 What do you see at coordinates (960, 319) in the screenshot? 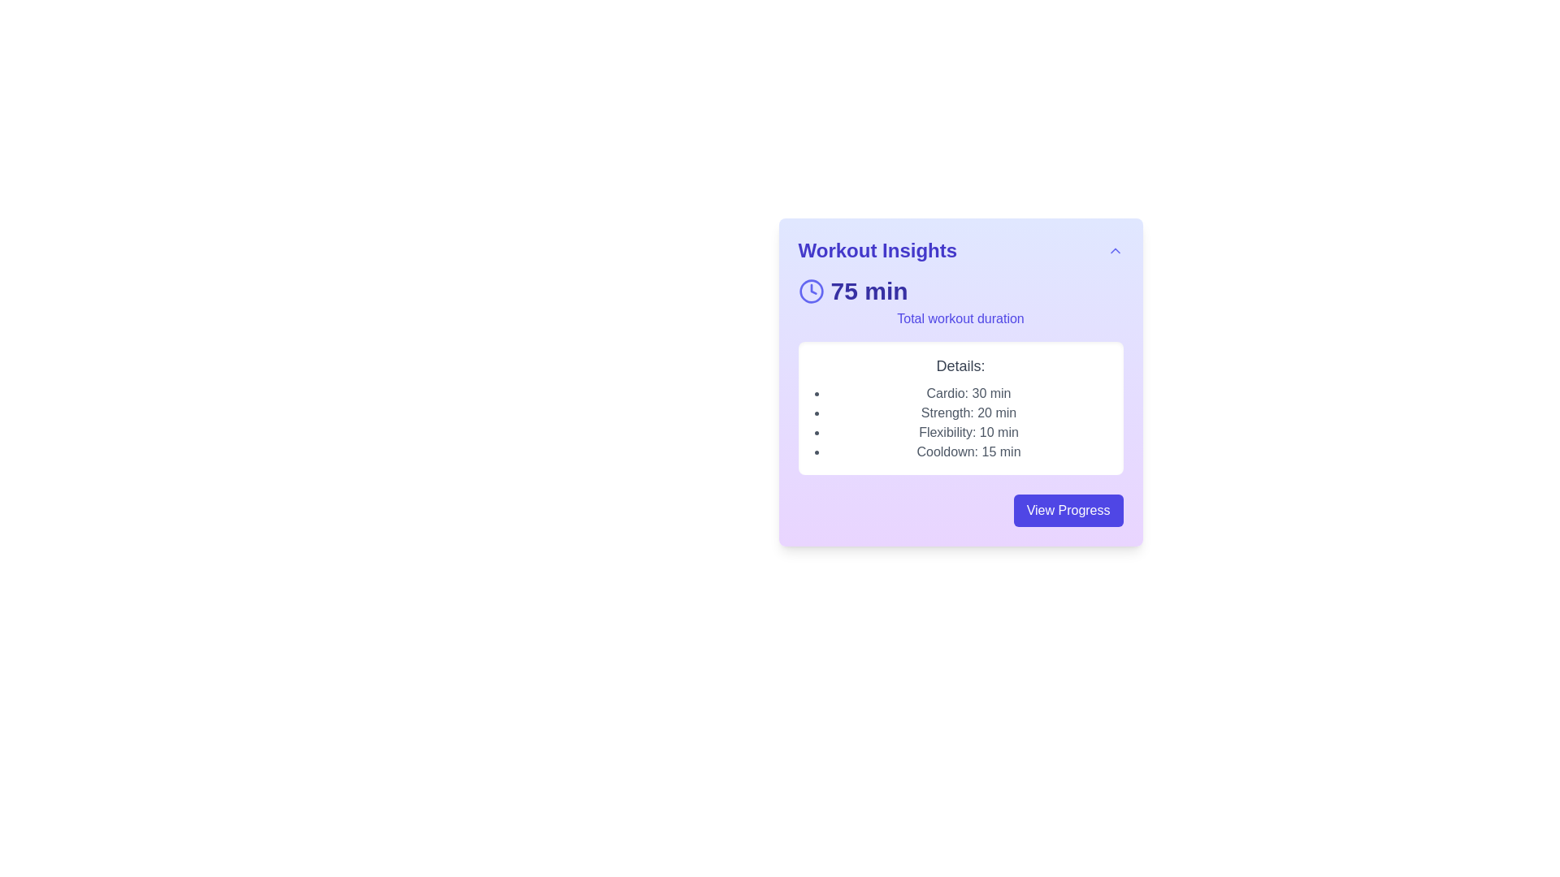
I see `the text element displaying 'Total workout duration', which is located below '75 min' and above 'Details', within the summary box` at bounding box center [960, 319].